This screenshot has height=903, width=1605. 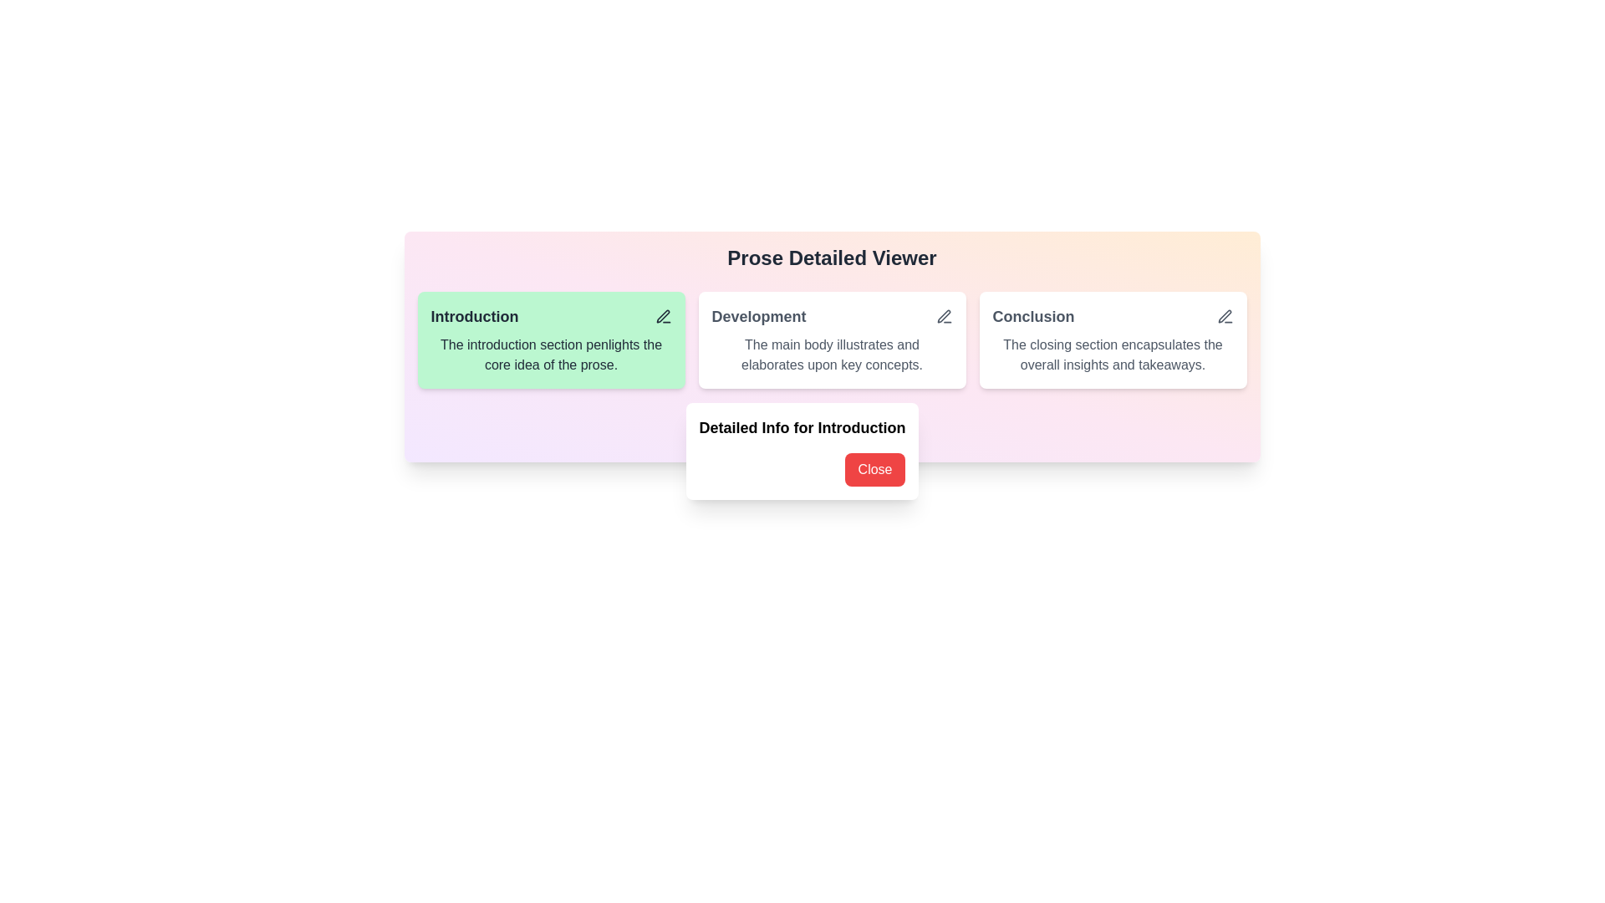 What do you see at coordinates (662, 316) in the screenshot?
I see `the edit icon located at the far-right corner of the light green box containing the 'Introduction' text` at bounding box center [662, 316].